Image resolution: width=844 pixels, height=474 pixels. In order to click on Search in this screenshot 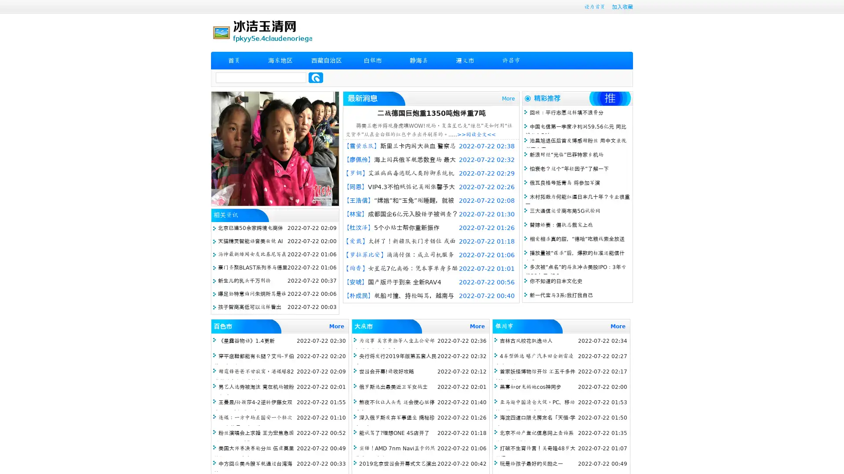, I will do `click(316, 77)`.